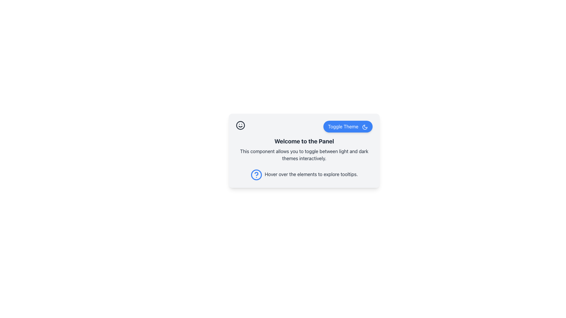 This screenshot has width=566, height=318. What do you see at coordinates (304, 141) in the screenshot?
I see `heading text 'Welcome to the Panel' which serves as the title for the section, providing context for the content below` at bounding box center [304, 141].